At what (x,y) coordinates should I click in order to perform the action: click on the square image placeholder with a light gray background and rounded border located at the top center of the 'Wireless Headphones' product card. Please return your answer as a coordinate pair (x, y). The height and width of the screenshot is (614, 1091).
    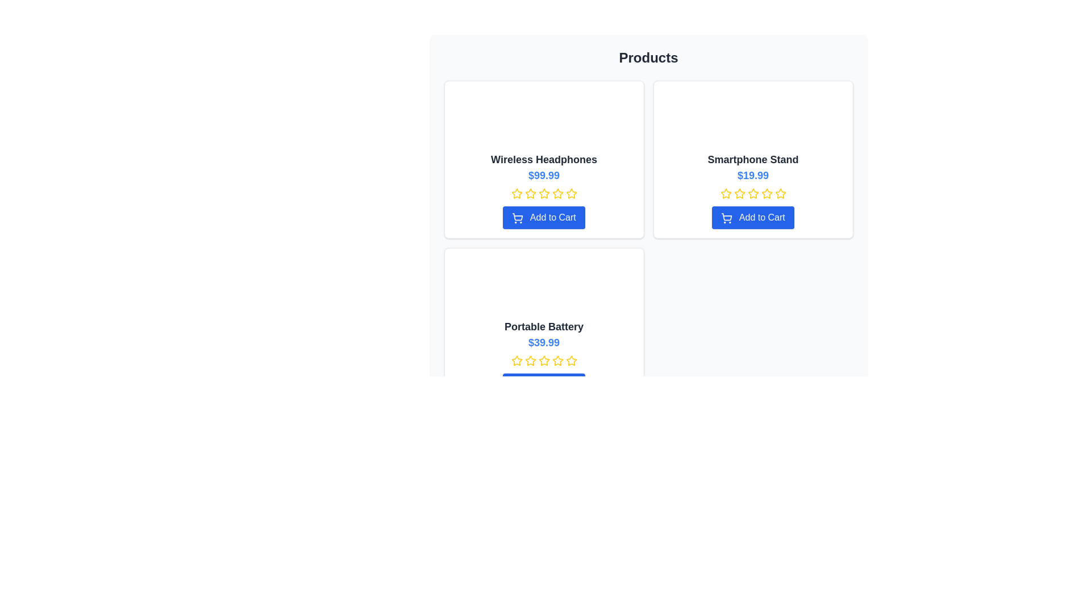
    Looking at the image, I should click on (543, 118).